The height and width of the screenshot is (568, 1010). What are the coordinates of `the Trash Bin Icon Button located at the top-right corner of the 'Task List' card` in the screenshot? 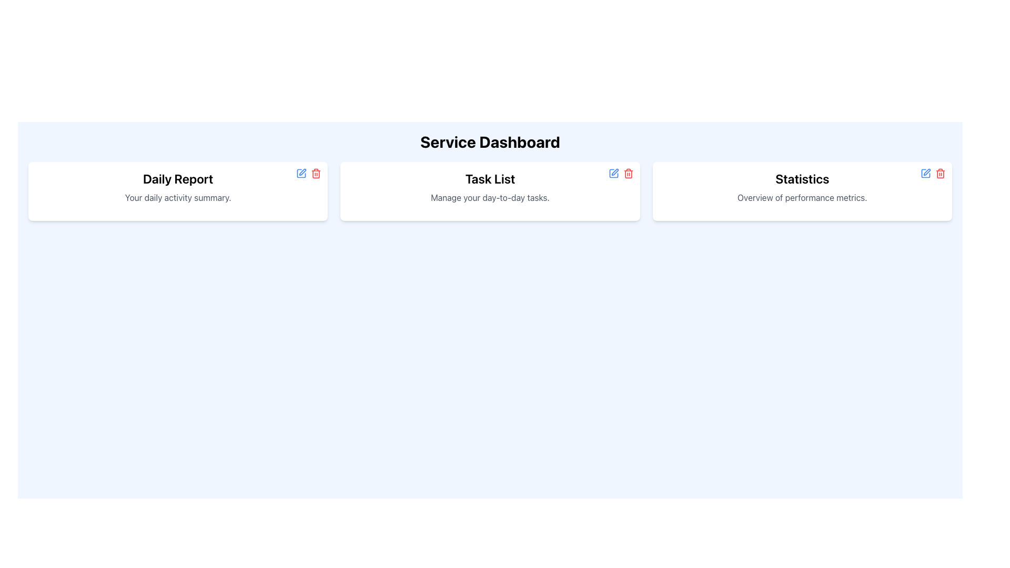 It's located at (628, 173).